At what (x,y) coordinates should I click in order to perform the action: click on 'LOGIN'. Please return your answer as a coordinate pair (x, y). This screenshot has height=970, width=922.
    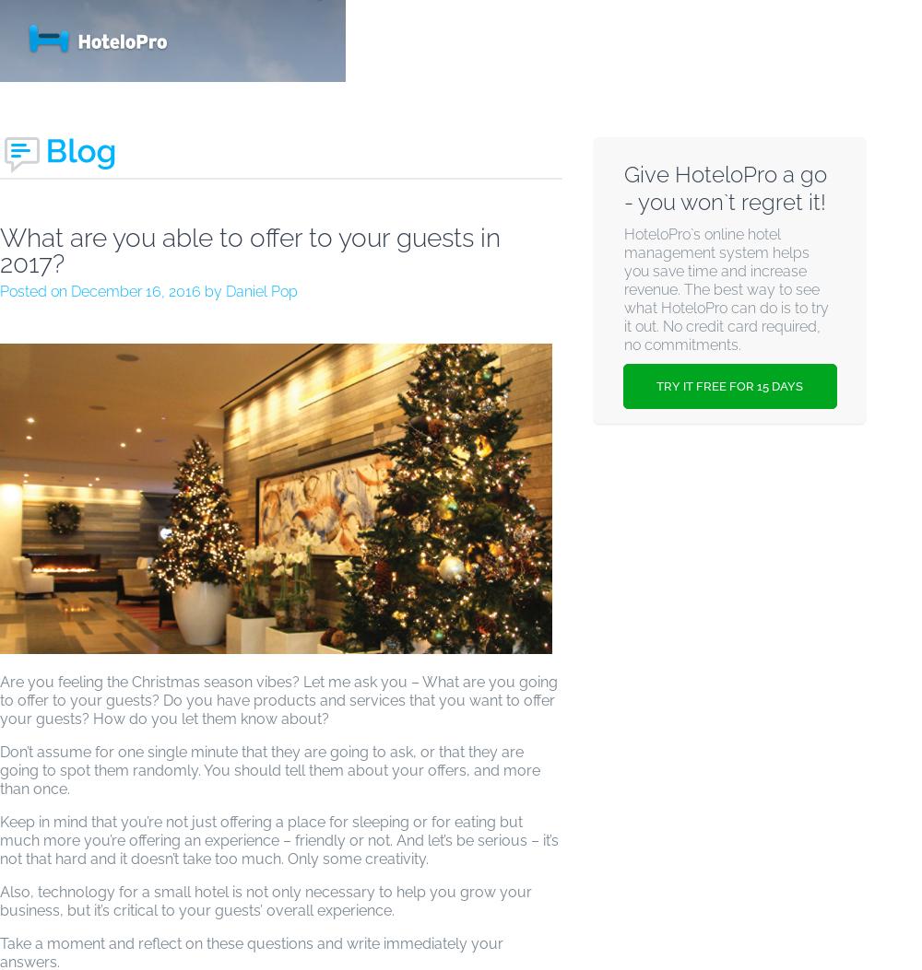
    Looking at the image, I should click on (749, 39).